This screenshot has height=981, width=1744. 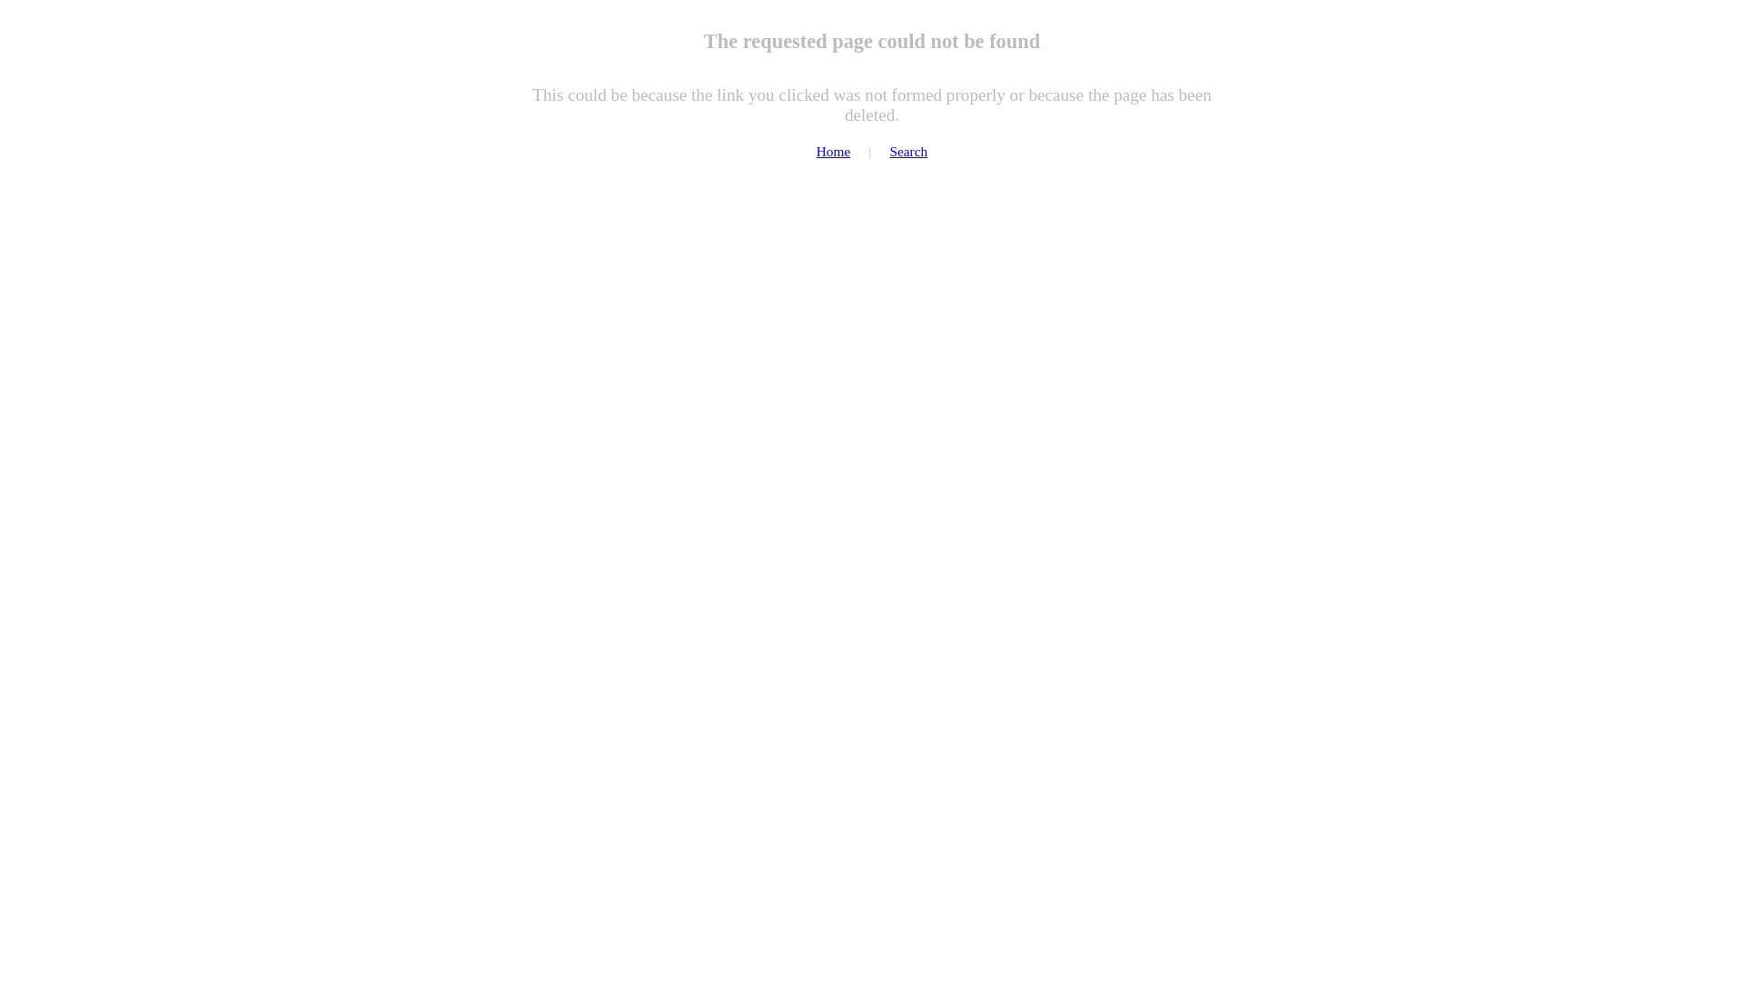 What do you see at coordinates (815, 150) in the screenshot?
I see `'Home'` at bounding box center [815, 150].